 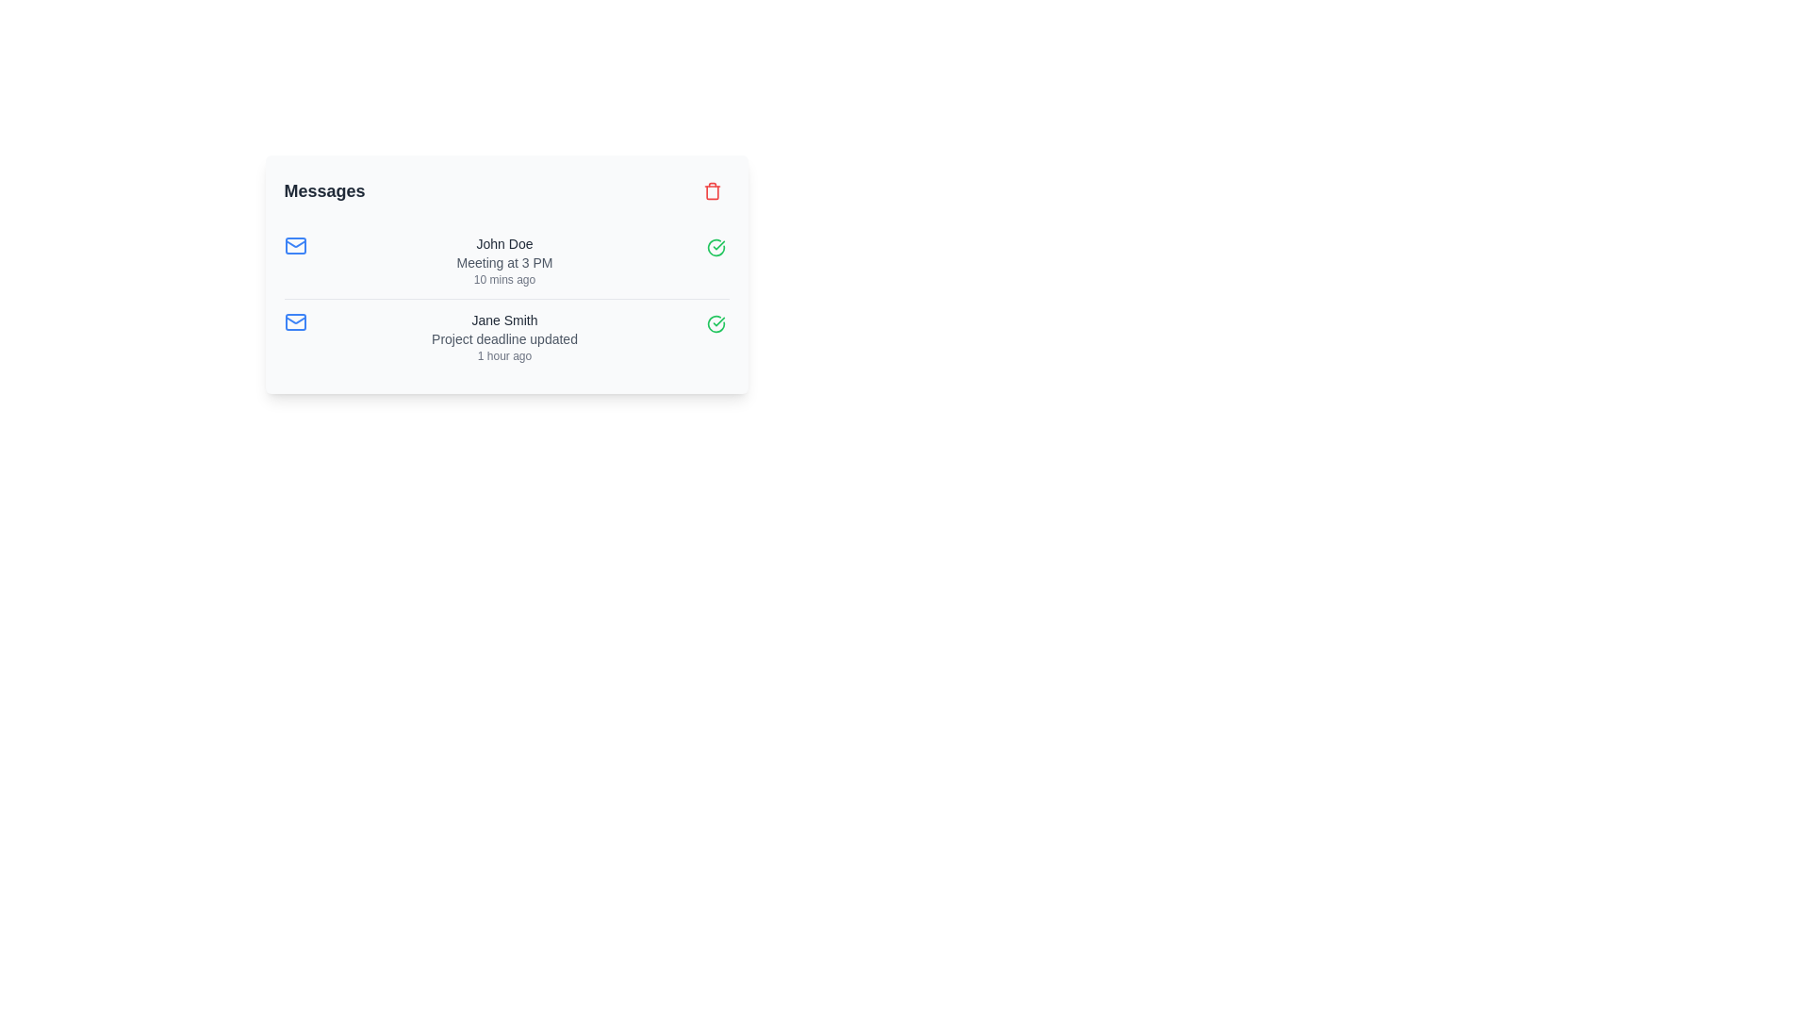 I want to click on the text label 'Meeting at 3 PM', which is styled in a small, light gray font and positioned between 'John Doe' and '10 mins ago', so click(x=504, y=262).